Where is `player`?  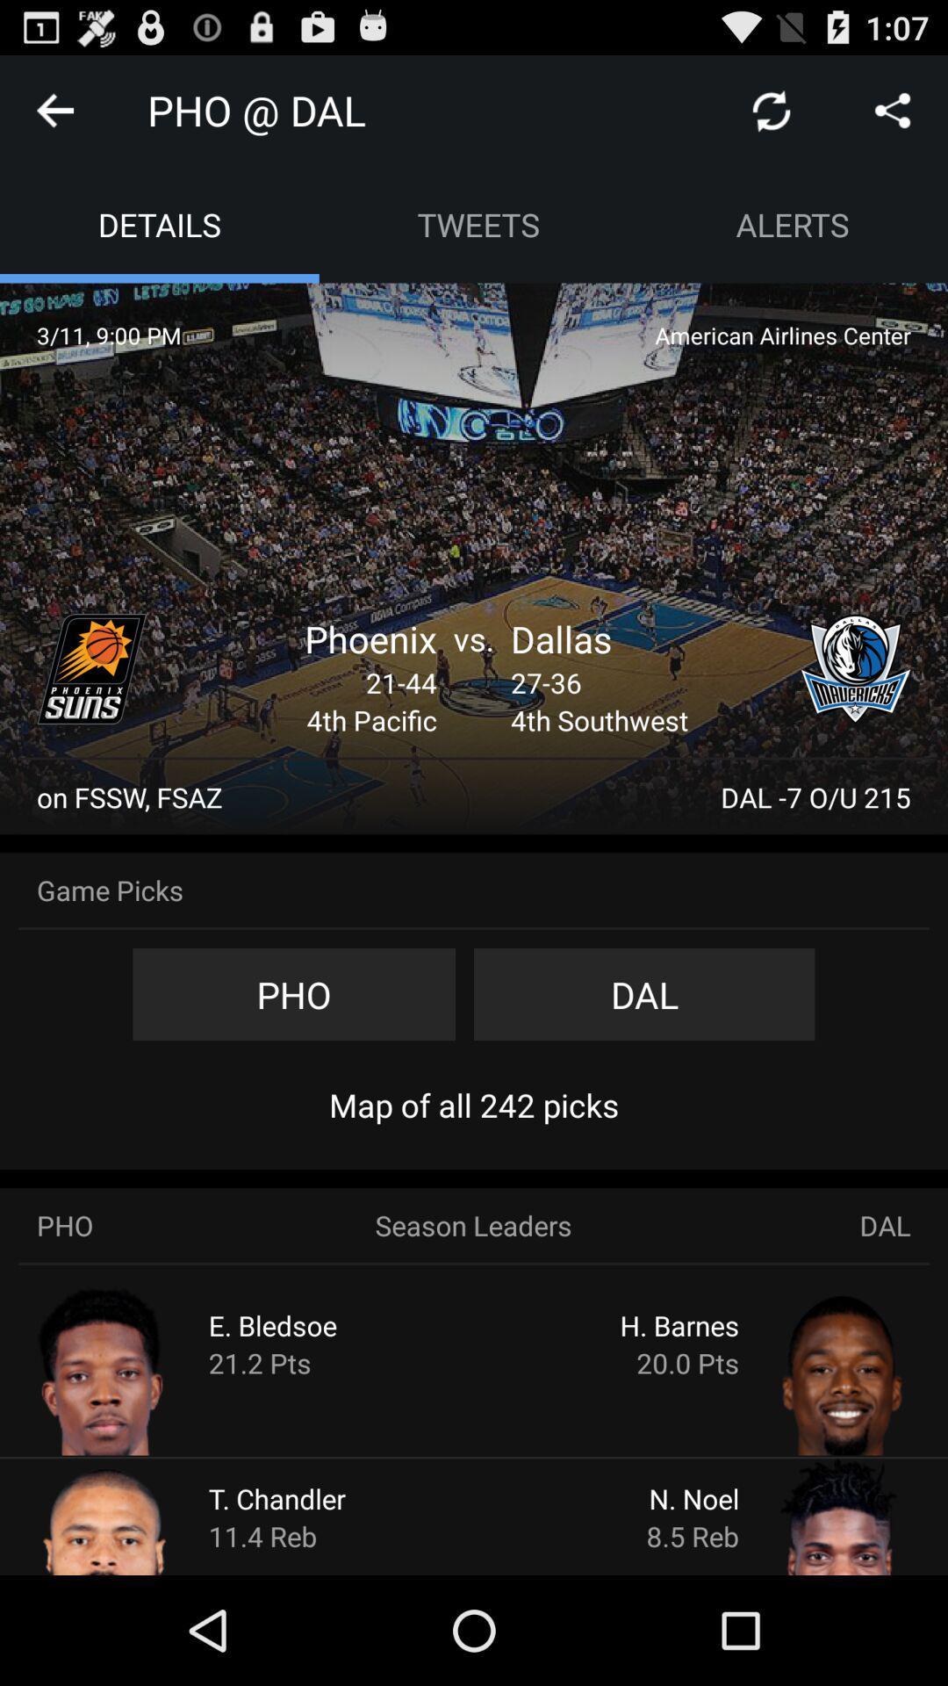
player is located at coordinates (137, 1369).